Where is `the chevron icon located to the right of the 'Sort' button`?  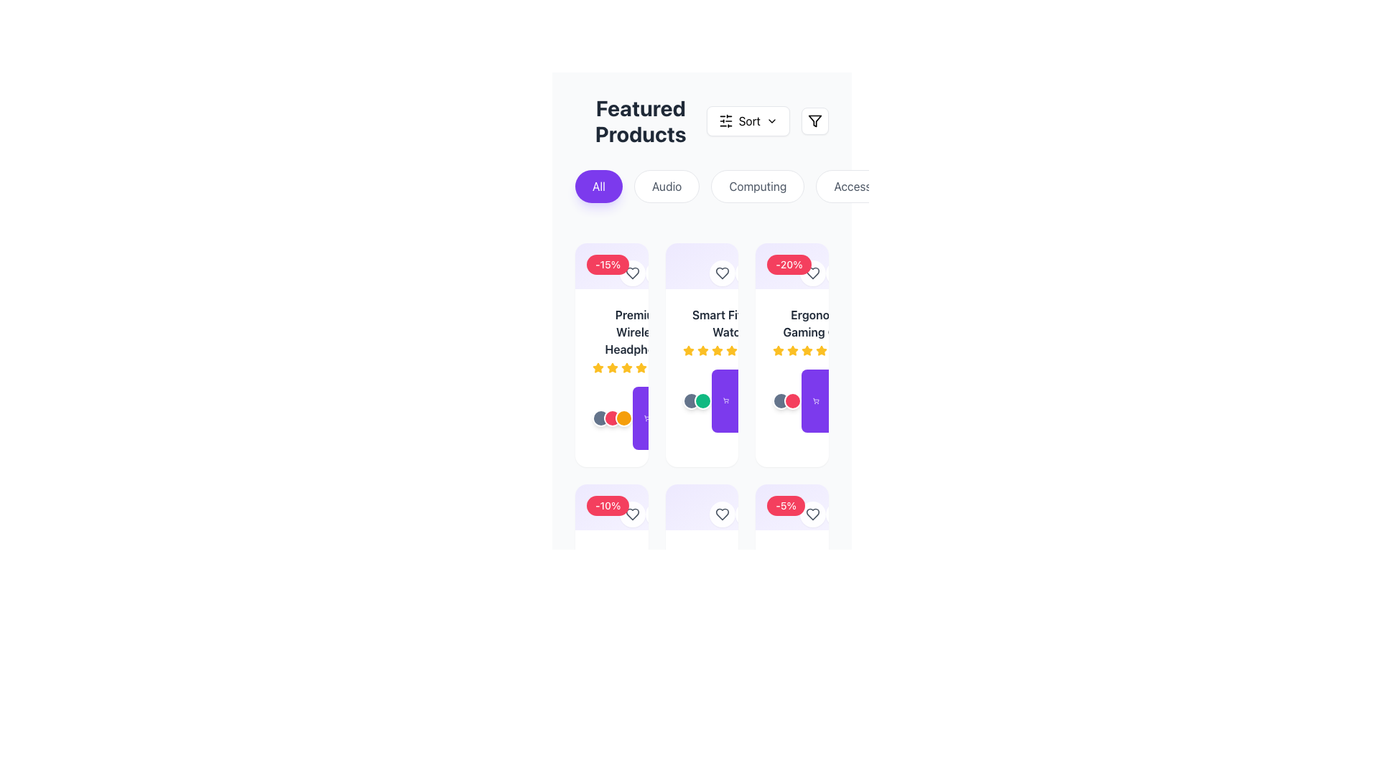
the chevron icon located to the right of the 'Sort' button is located at coordinates (771, 121).